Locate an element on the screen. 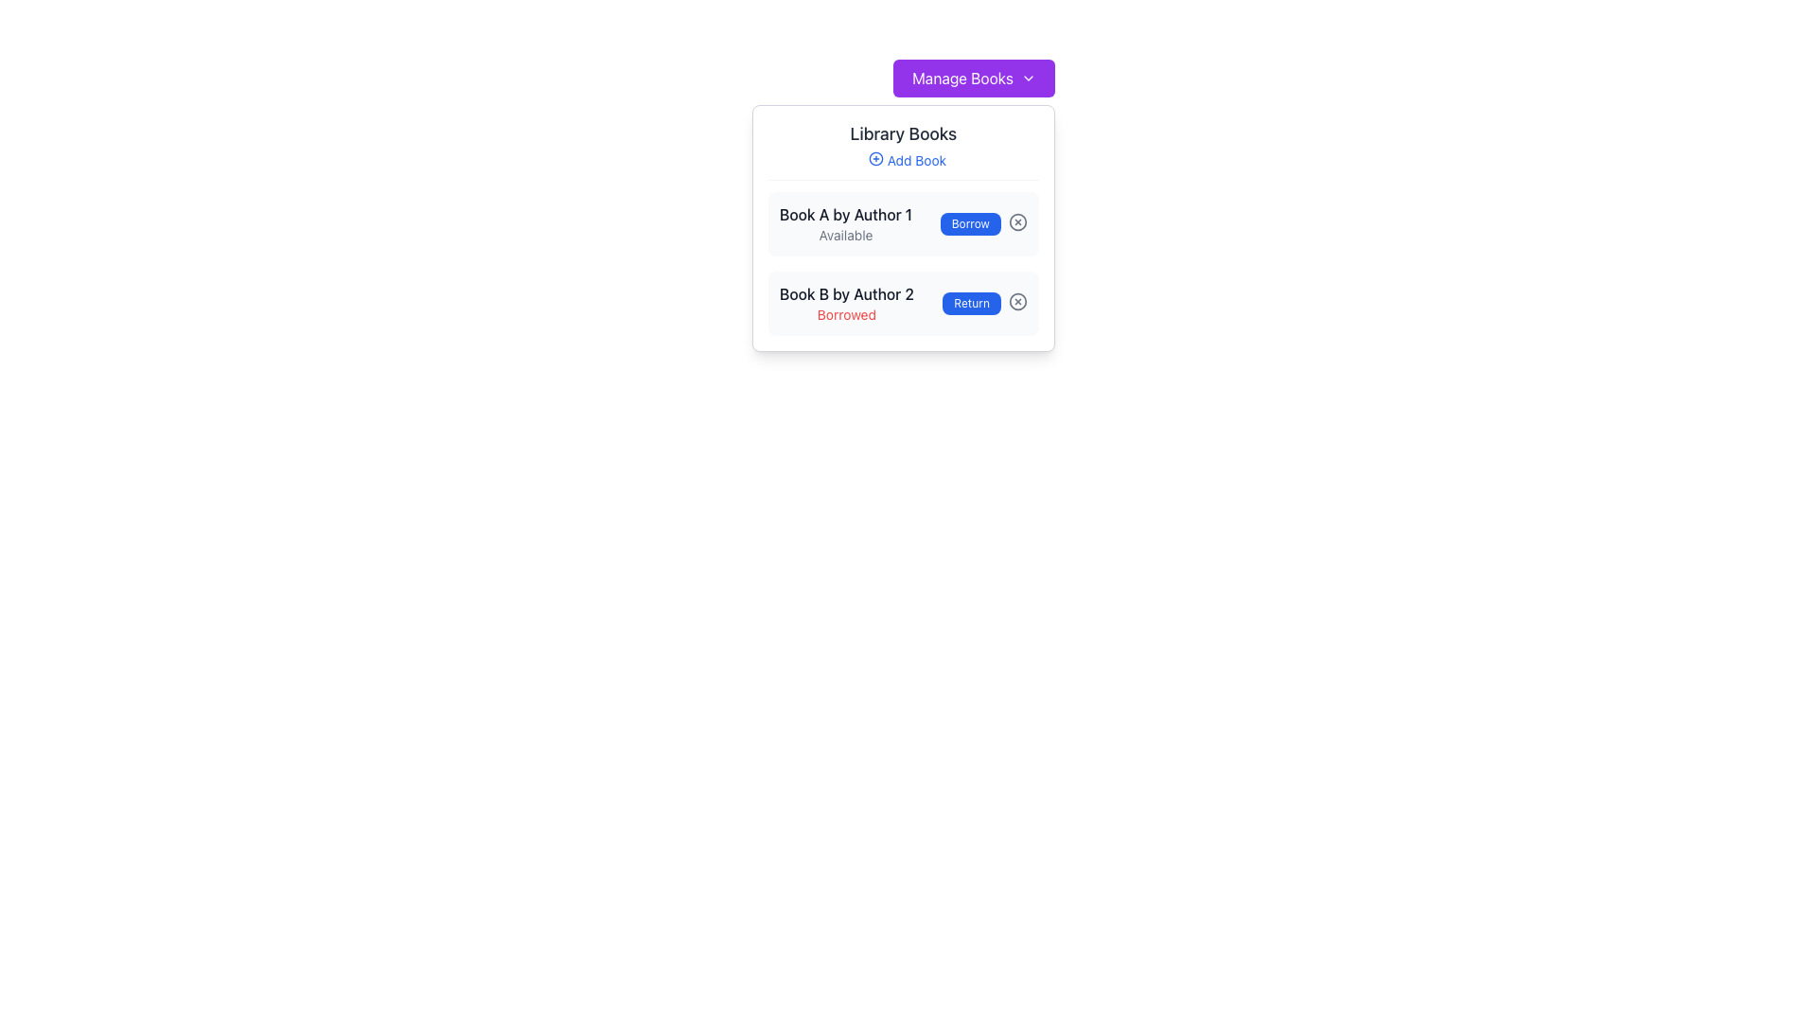 This screenshot has width=1817, height=1022. the text display element showing 'Book A by Author 1' with status 'Available', which is located within the first card of the 'Library Books' section is located at coordinates (844, 222).